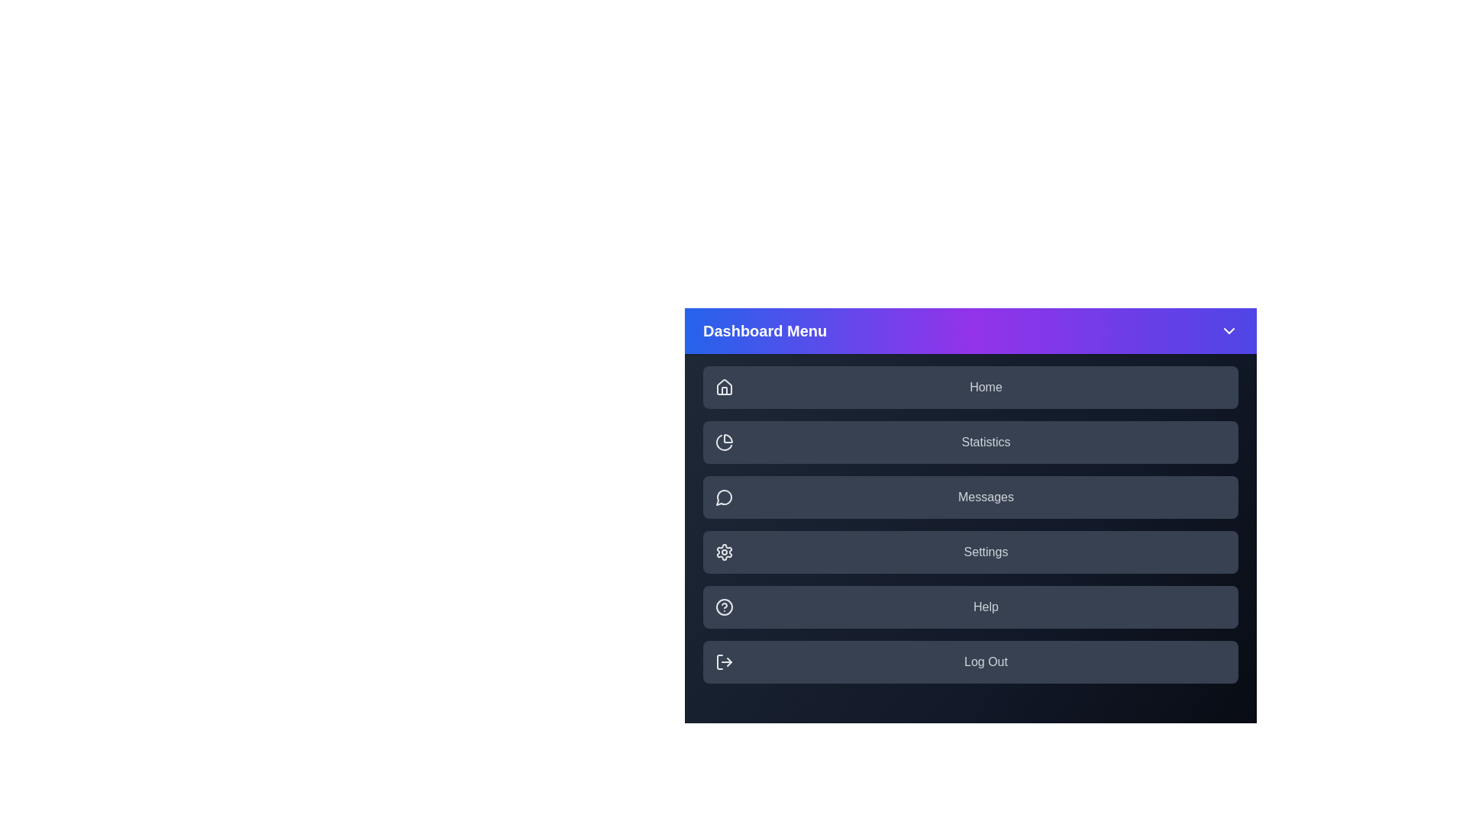  Describe the element at coordinates (970, 552) in the screenshot. I see `the menu item labeled Settings` at that location.